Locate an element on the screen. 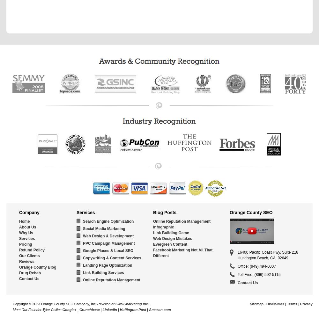  'Drug Rehab' is located at coordinates (30, 273).